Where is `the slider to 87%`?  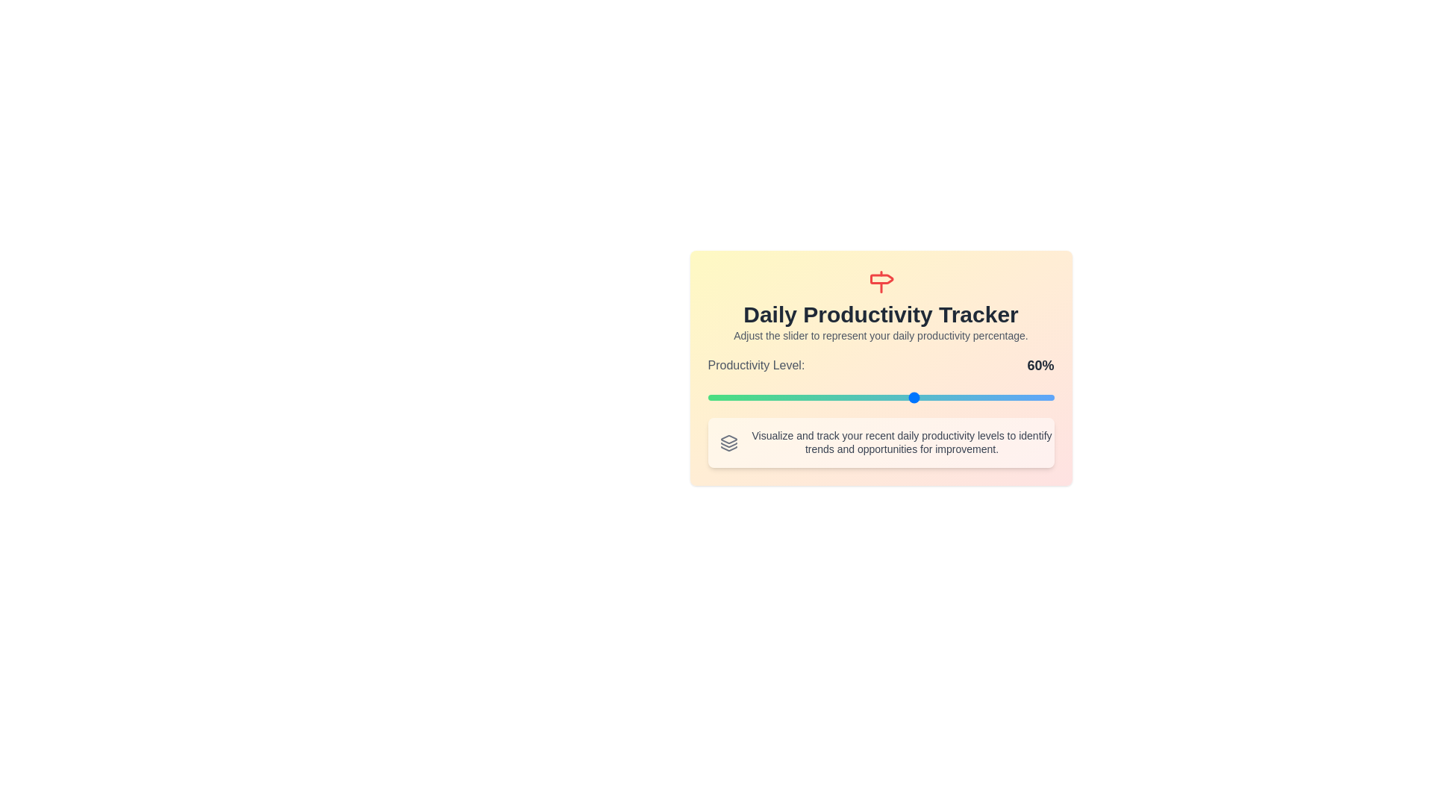 the slider to 87% is located at coordinates (1009, 396).